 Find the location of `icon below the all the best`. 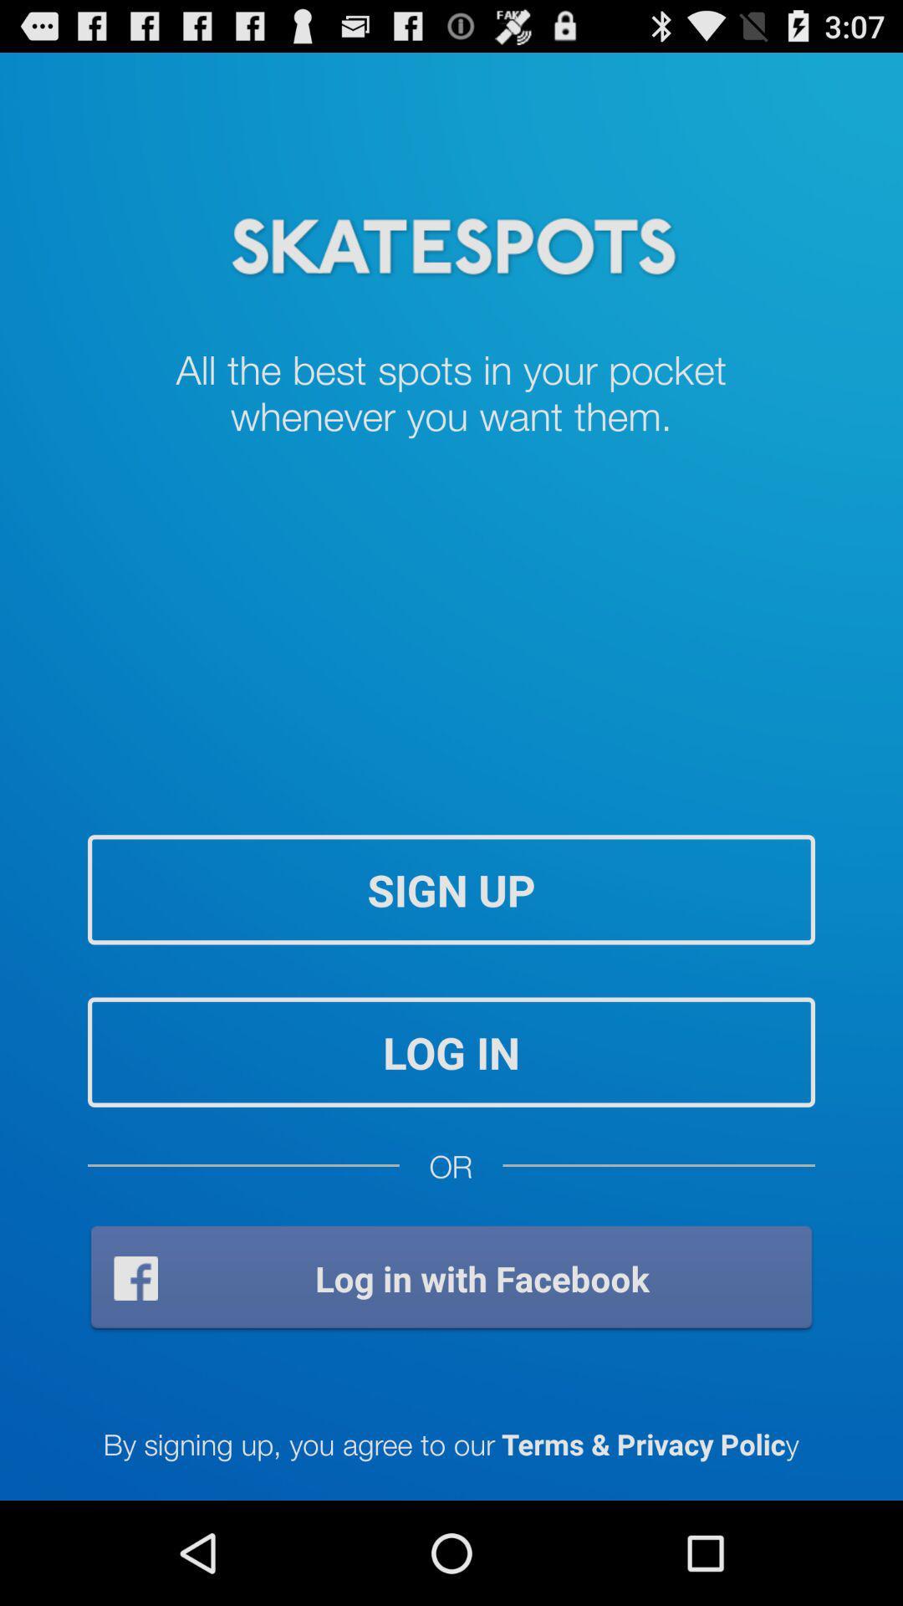

icon below the all the best is located at coordinates (451, 888).